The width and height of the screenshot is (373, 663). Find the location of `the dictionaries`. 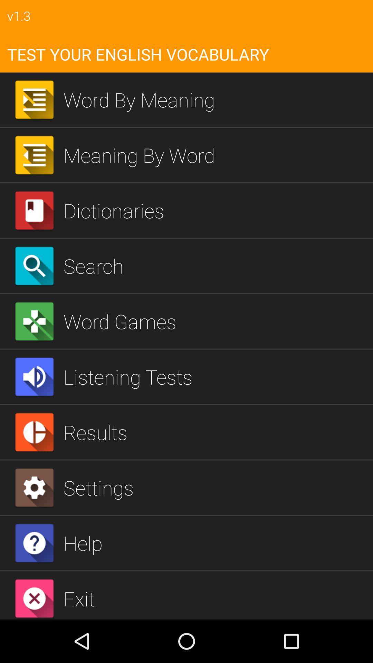

the dictionaries is located at coordinates (215, 210).